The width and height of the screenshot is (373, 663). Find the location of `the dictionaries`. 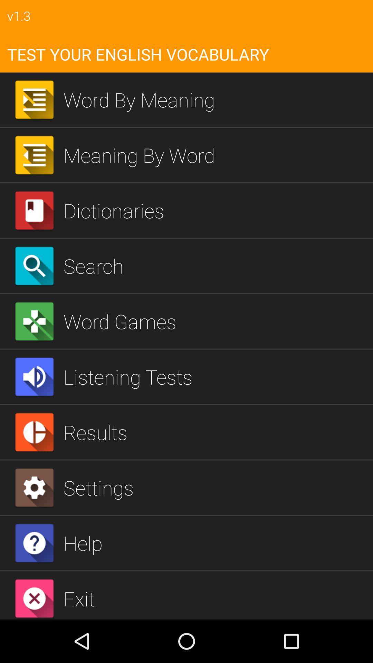

the dictionaries is located at coordinates (215, 210).